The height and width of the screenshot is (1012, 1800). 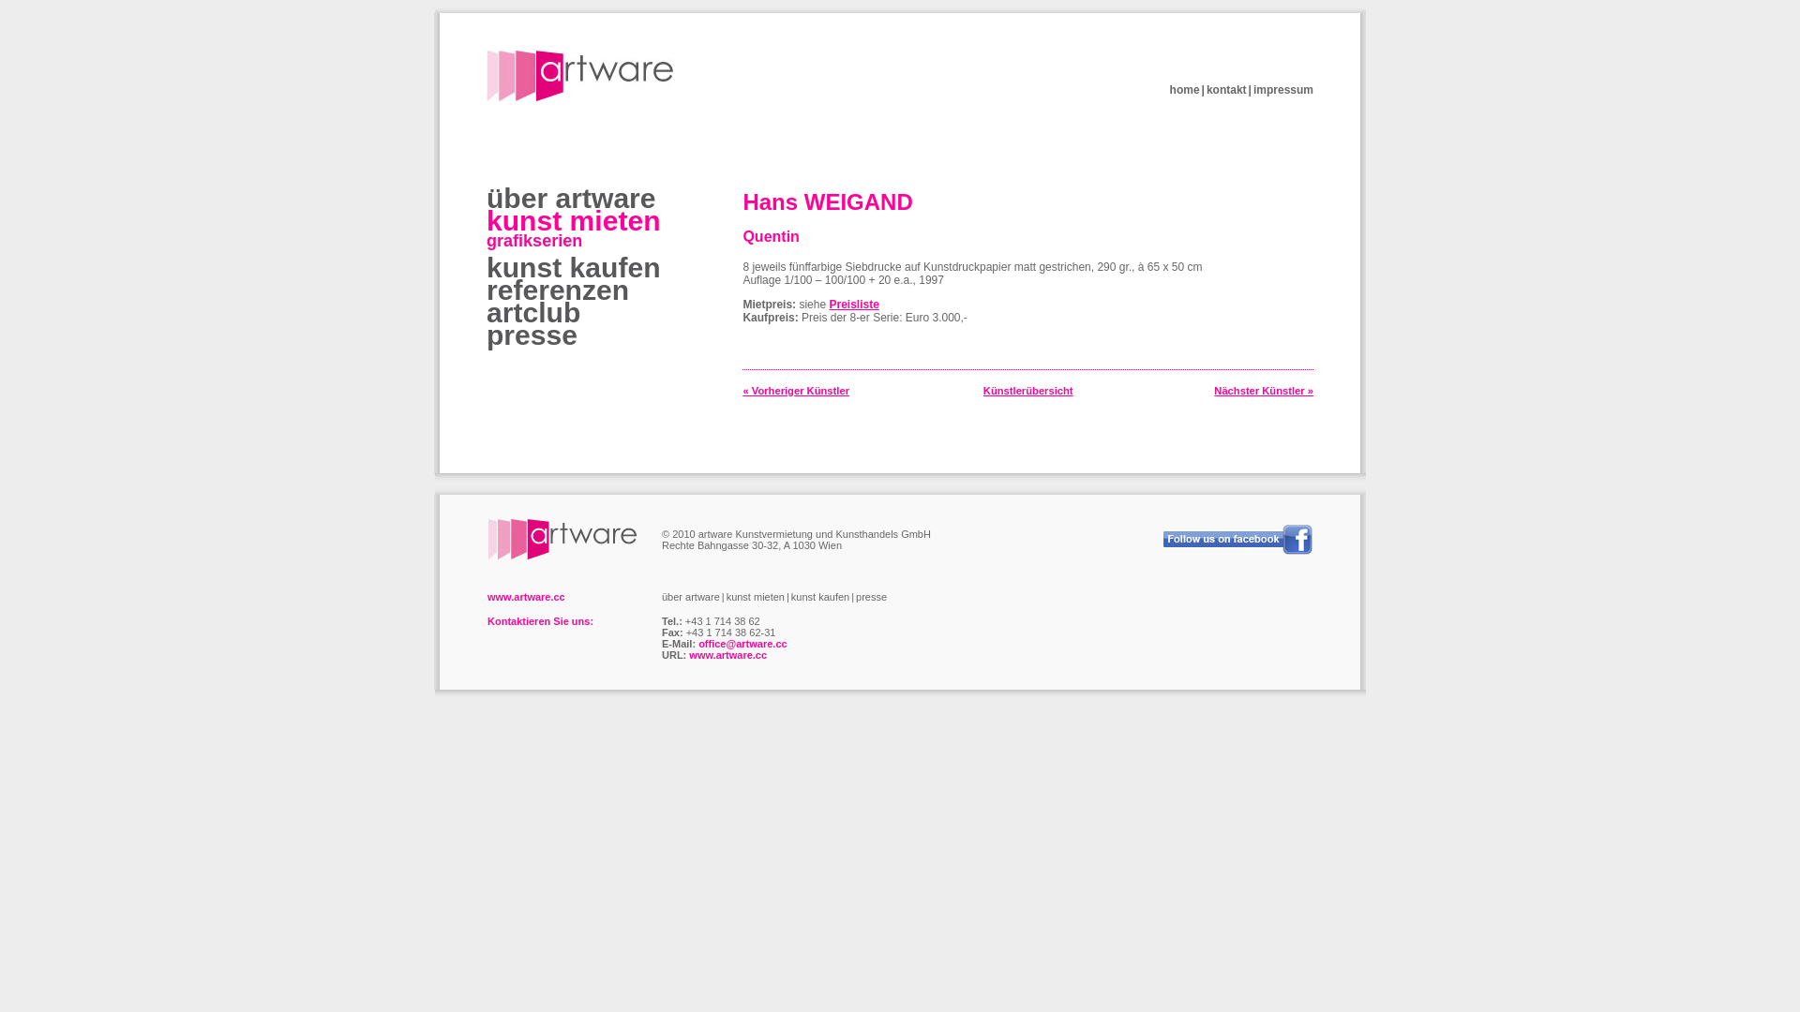 I want to click on 'home', so click(x=1183, y=90).